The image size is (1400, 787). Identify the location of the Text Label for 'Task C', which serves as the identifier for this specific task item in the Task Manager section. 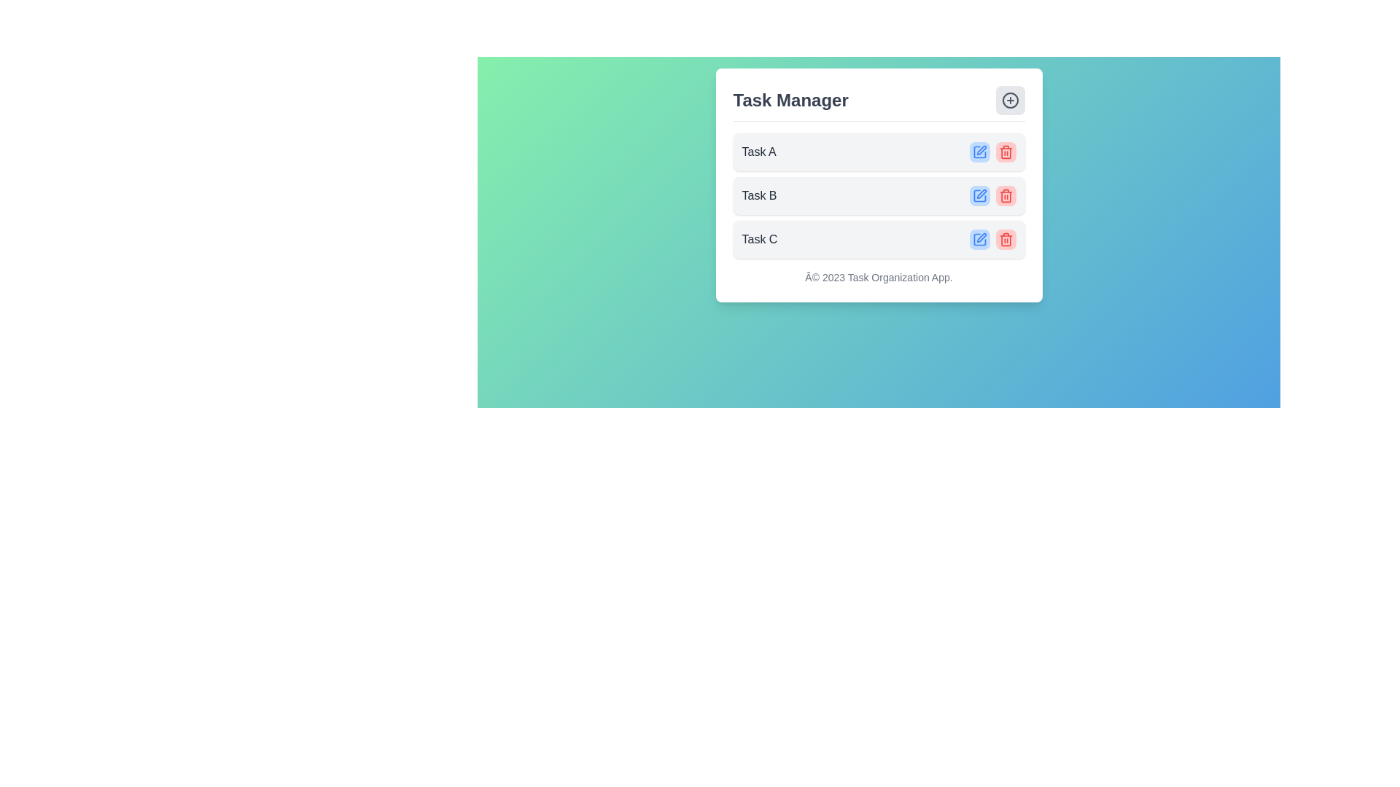
(758, 238).